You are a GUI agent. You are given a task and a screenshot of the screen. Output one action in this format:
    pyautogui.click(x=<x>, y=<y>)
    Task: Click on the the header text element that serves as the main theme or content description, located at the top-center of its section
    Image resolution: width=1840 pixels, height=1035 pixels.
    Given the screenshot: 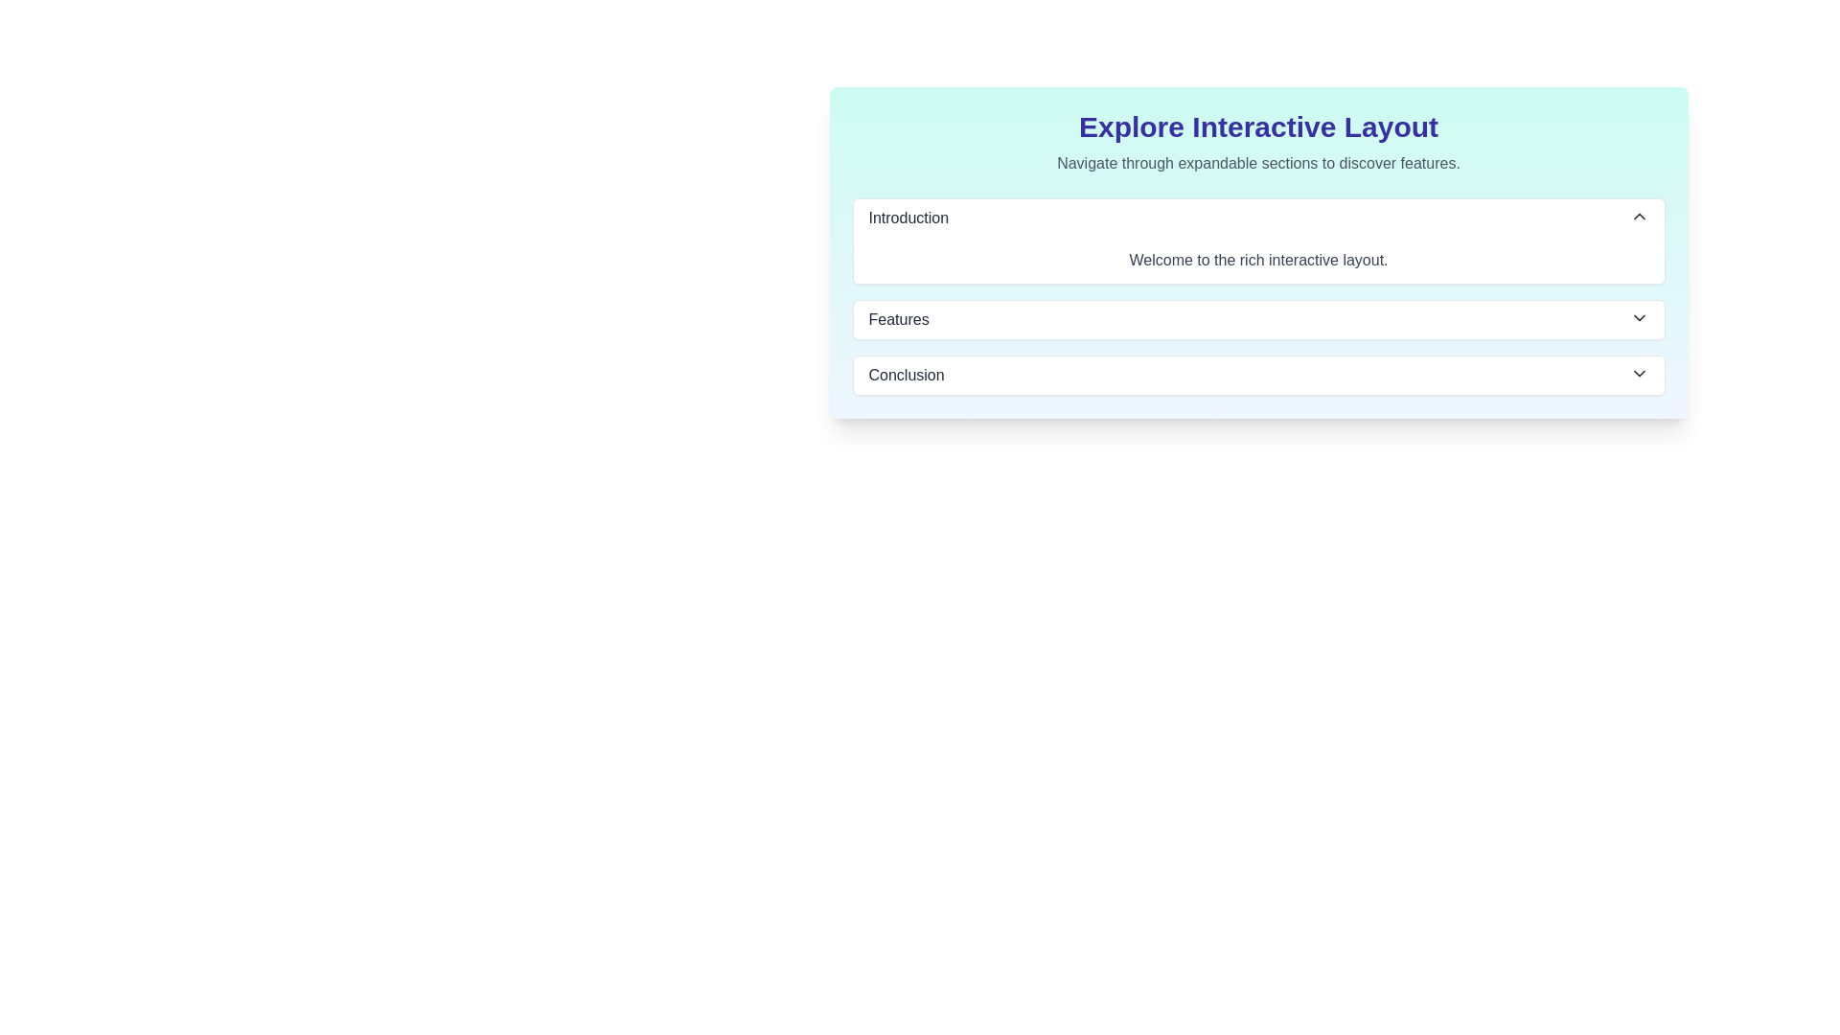 What is the action you would take?
    pyautogui.click(x=1258, y=126)
    